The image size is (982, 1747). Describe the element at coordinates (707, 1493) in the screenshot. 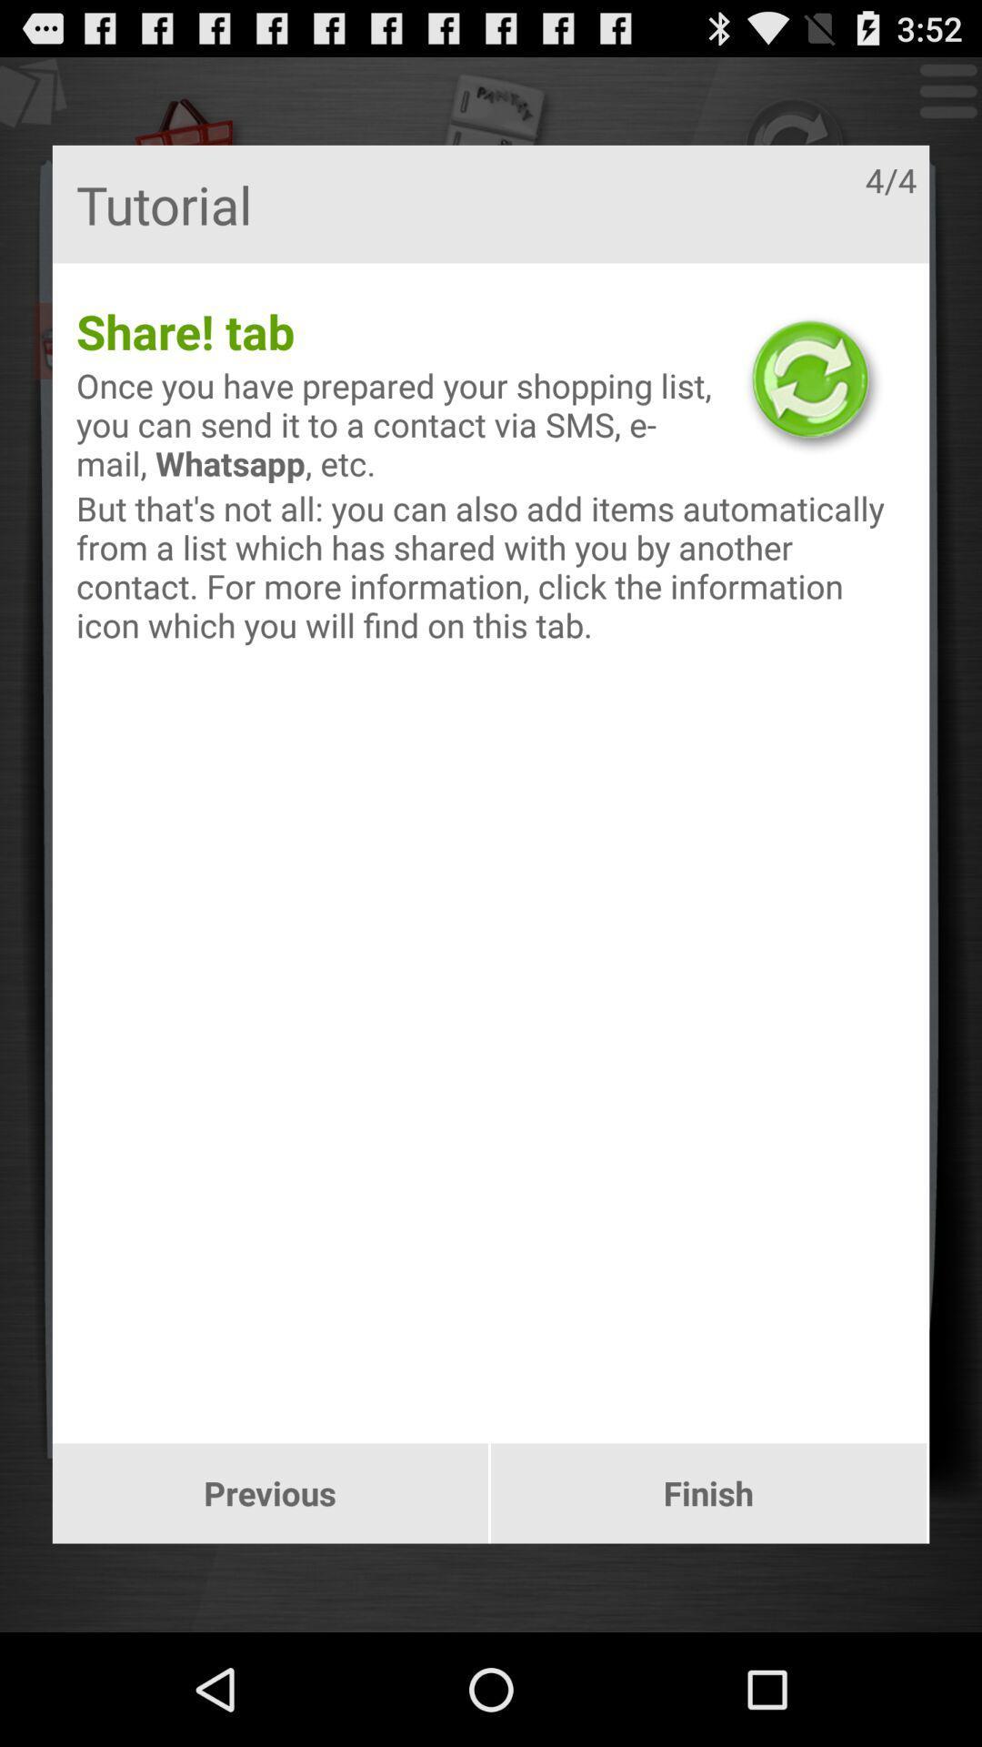

I see `the app below but that s app` at that location.